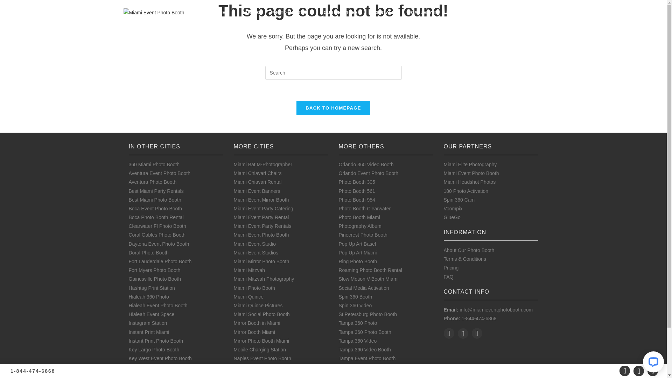 This screenshot has height=378, width=672. Describe the element at coordinates (259, 350) in the screenshot. I see `'Mobile Charging Station'` at that location.